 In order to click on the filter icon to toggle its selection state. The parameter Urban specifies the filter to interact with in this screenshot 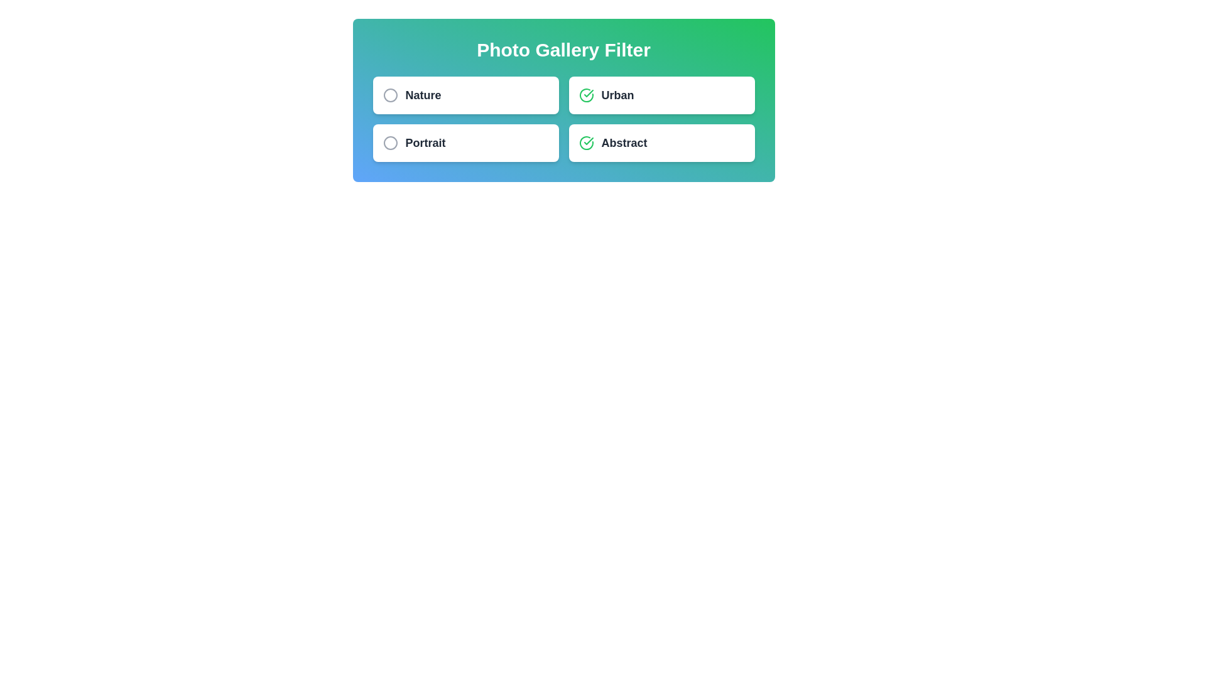, I will do `click(585, 94)`.